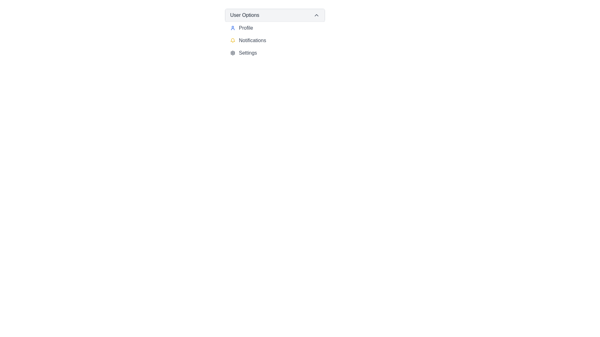  Describe the element at coordinates (232, 41) in the screenshot. I see `the yellow bell-shaped notification icon located to the left of the 'Notifications' text, which is visually distinct with a rounded design and slight shadow effect` at that location.